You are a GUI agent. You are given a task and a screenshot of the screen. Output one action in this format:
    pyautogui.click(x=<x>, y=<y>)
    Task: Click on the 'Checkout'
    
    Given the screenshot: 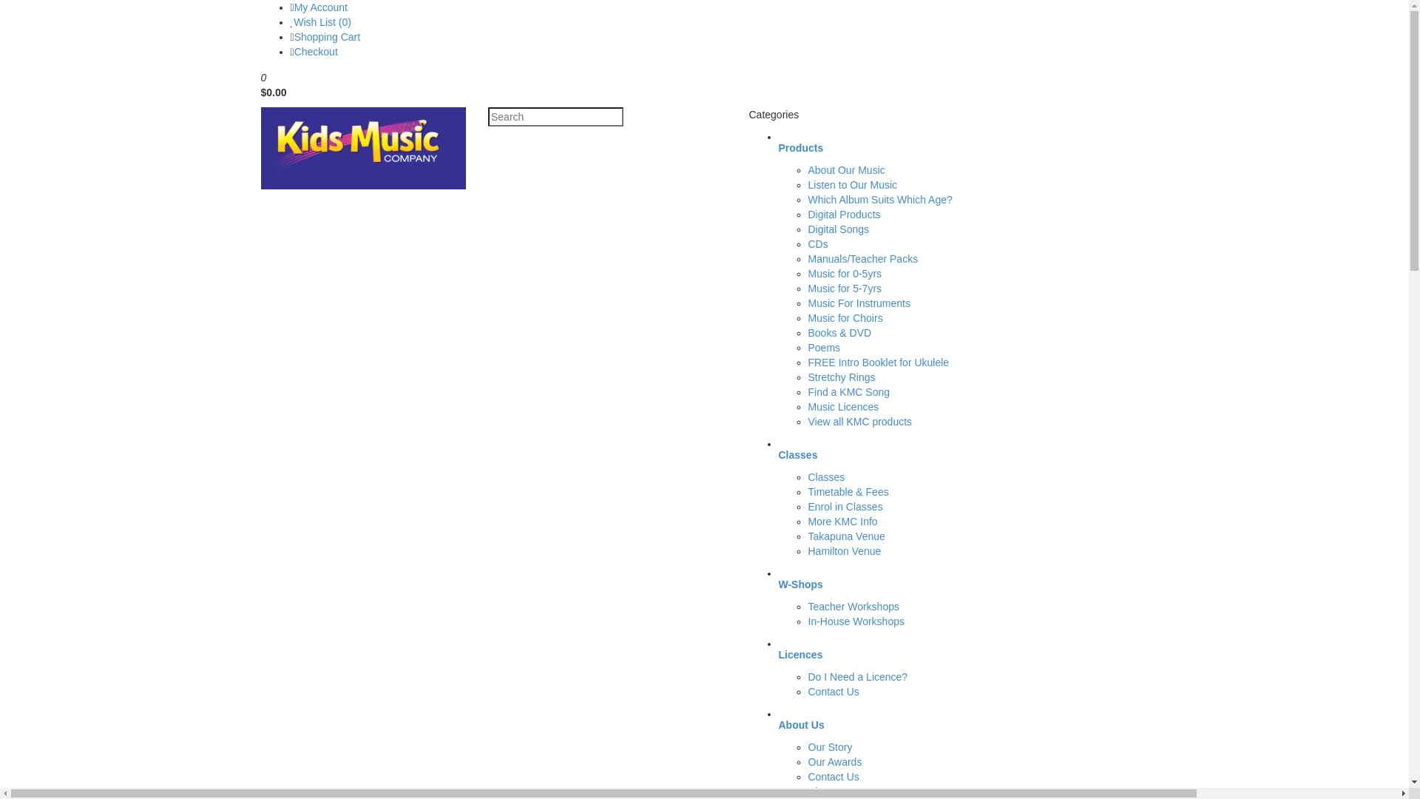 What is the action you would take?
    pyautogui.click(x=315, y=50)
    